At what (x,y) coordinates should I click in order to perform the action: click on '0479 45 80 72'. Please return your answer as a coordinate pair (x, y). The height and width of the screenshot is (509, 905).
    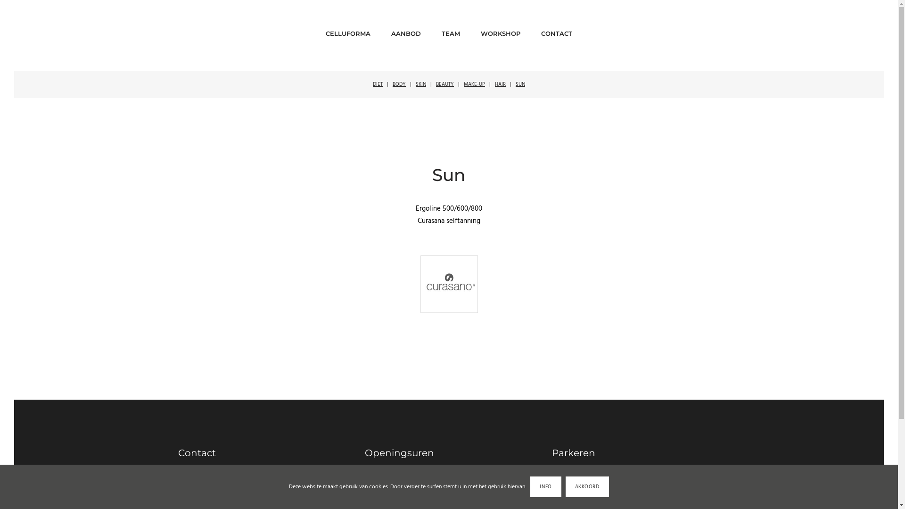
    Looking at the image, I should click on (205, 491).